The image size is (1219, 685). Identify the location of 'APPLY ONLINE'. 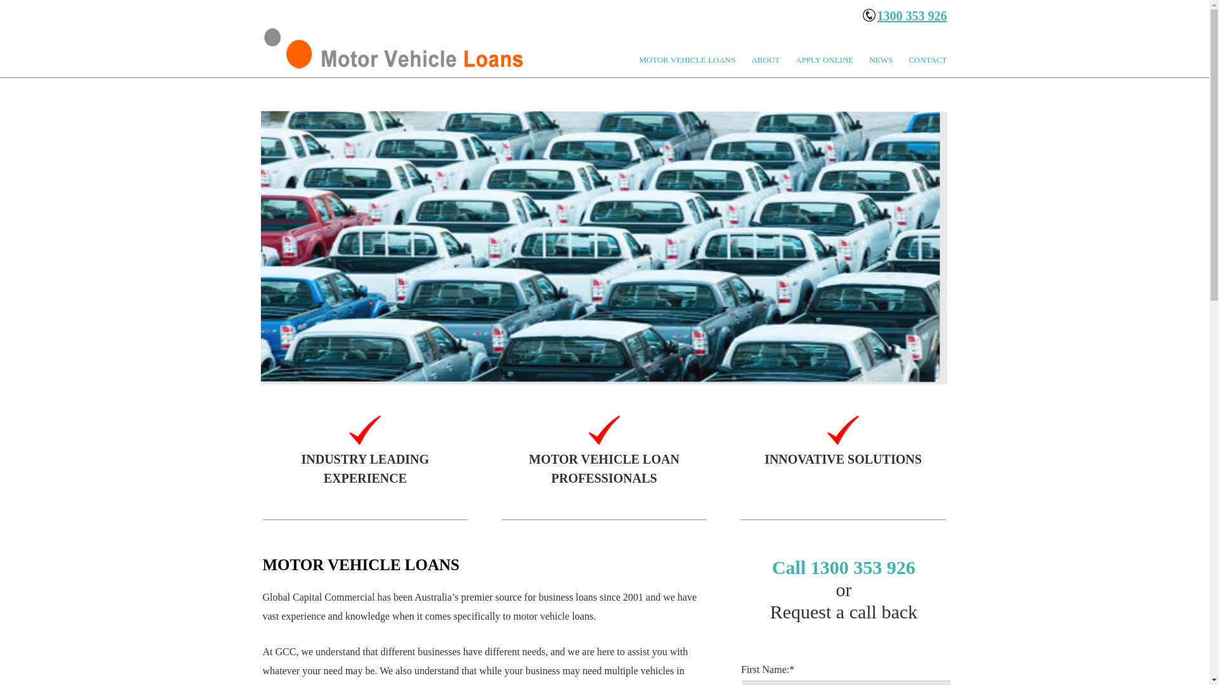
(832, 60).